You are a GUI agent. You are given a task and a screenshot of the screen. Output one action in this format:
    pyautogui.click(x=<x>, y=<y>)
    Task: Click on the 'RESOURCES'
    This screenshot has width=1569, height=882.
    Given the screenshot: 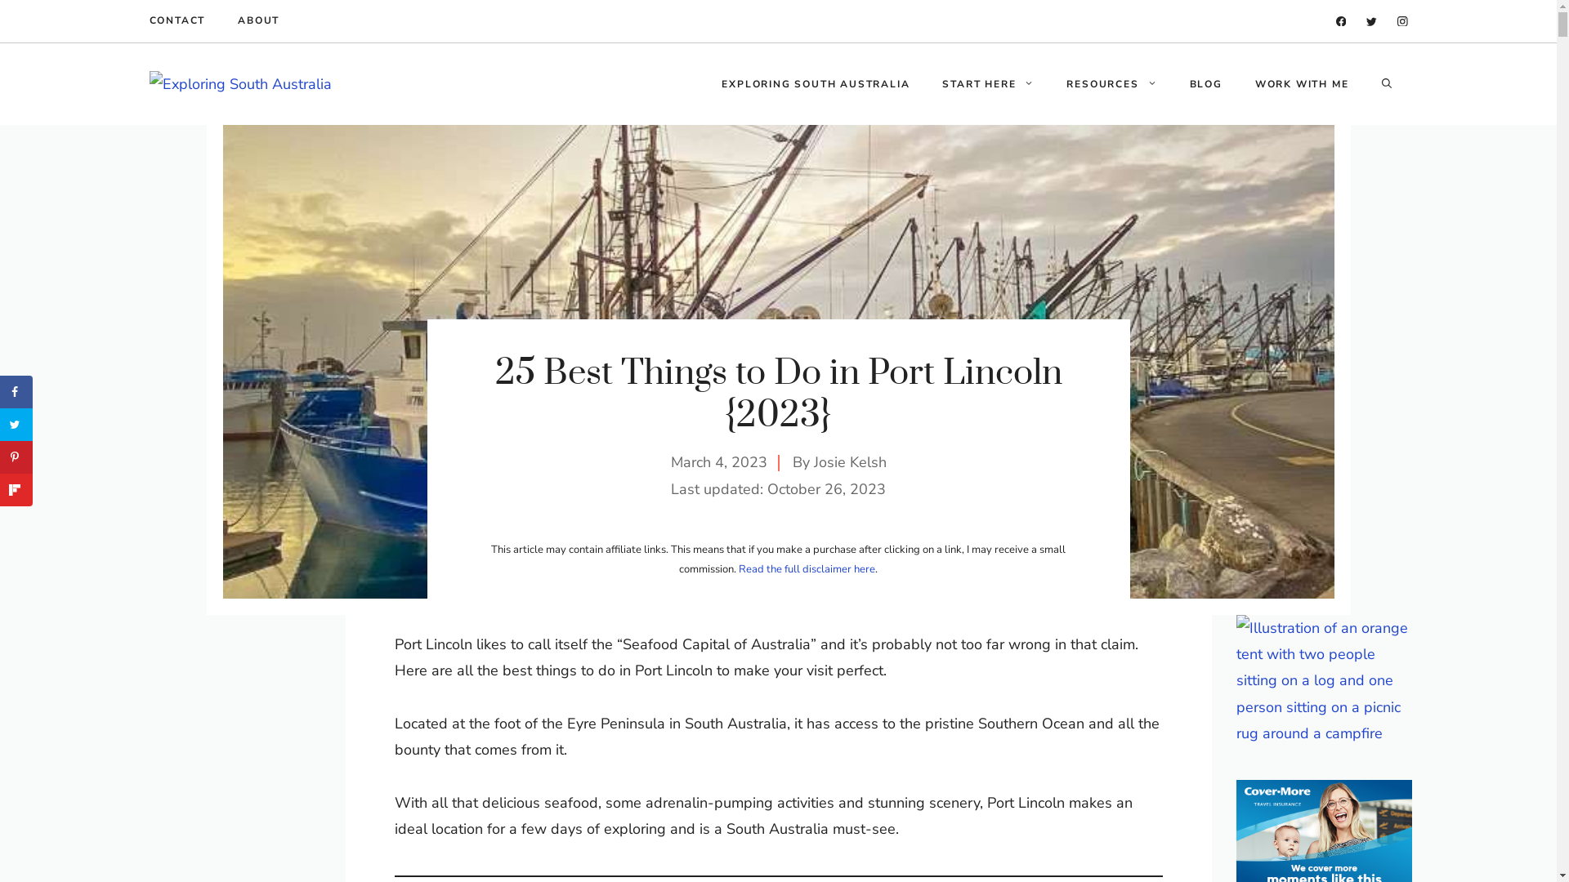 What is the action you would take?
    pyautogui.click(x=1111, y=84)
    